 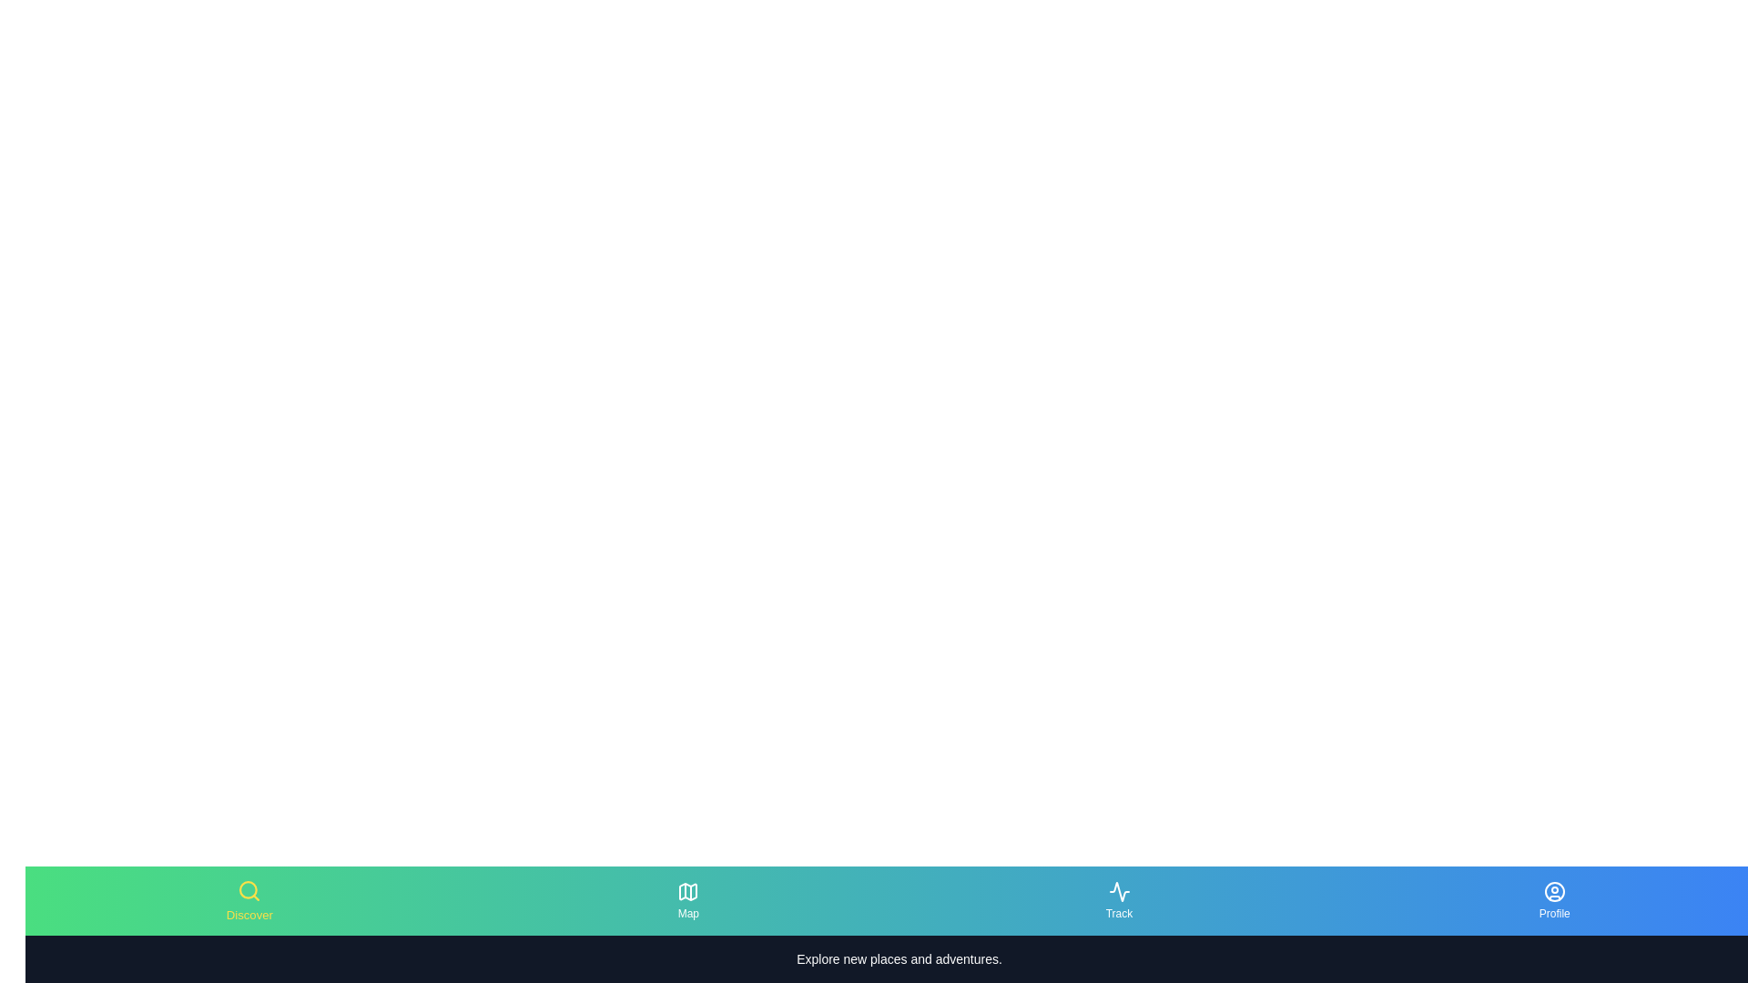 What do you see at coordinates (249, 901) in the screenshot?
I see `the active tab to display its content` at bounding box center [249, 901].